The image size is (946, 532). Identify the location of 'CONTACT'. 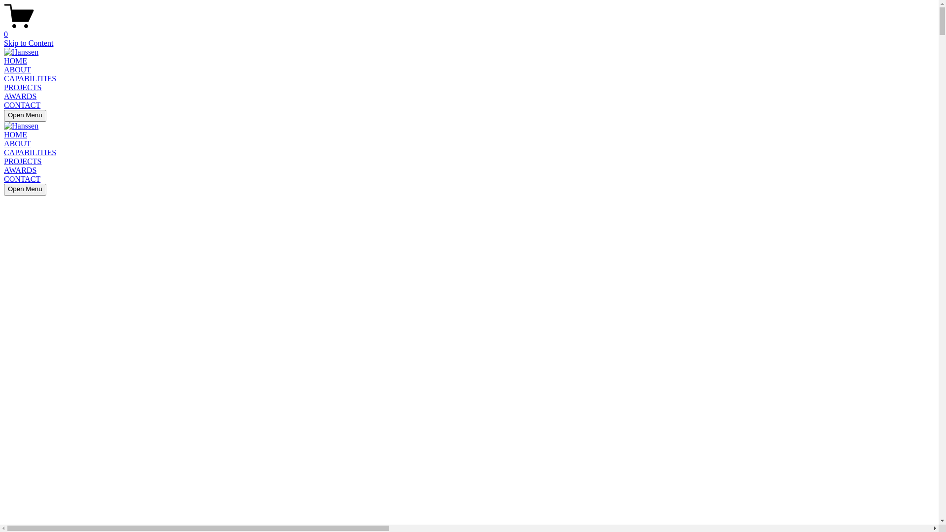
(4, 179).